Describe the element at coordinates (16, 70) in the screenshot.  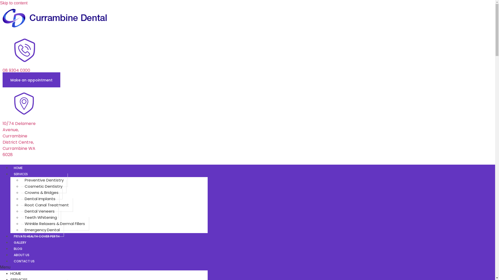
I see `'08 9304 0300'` at that location.